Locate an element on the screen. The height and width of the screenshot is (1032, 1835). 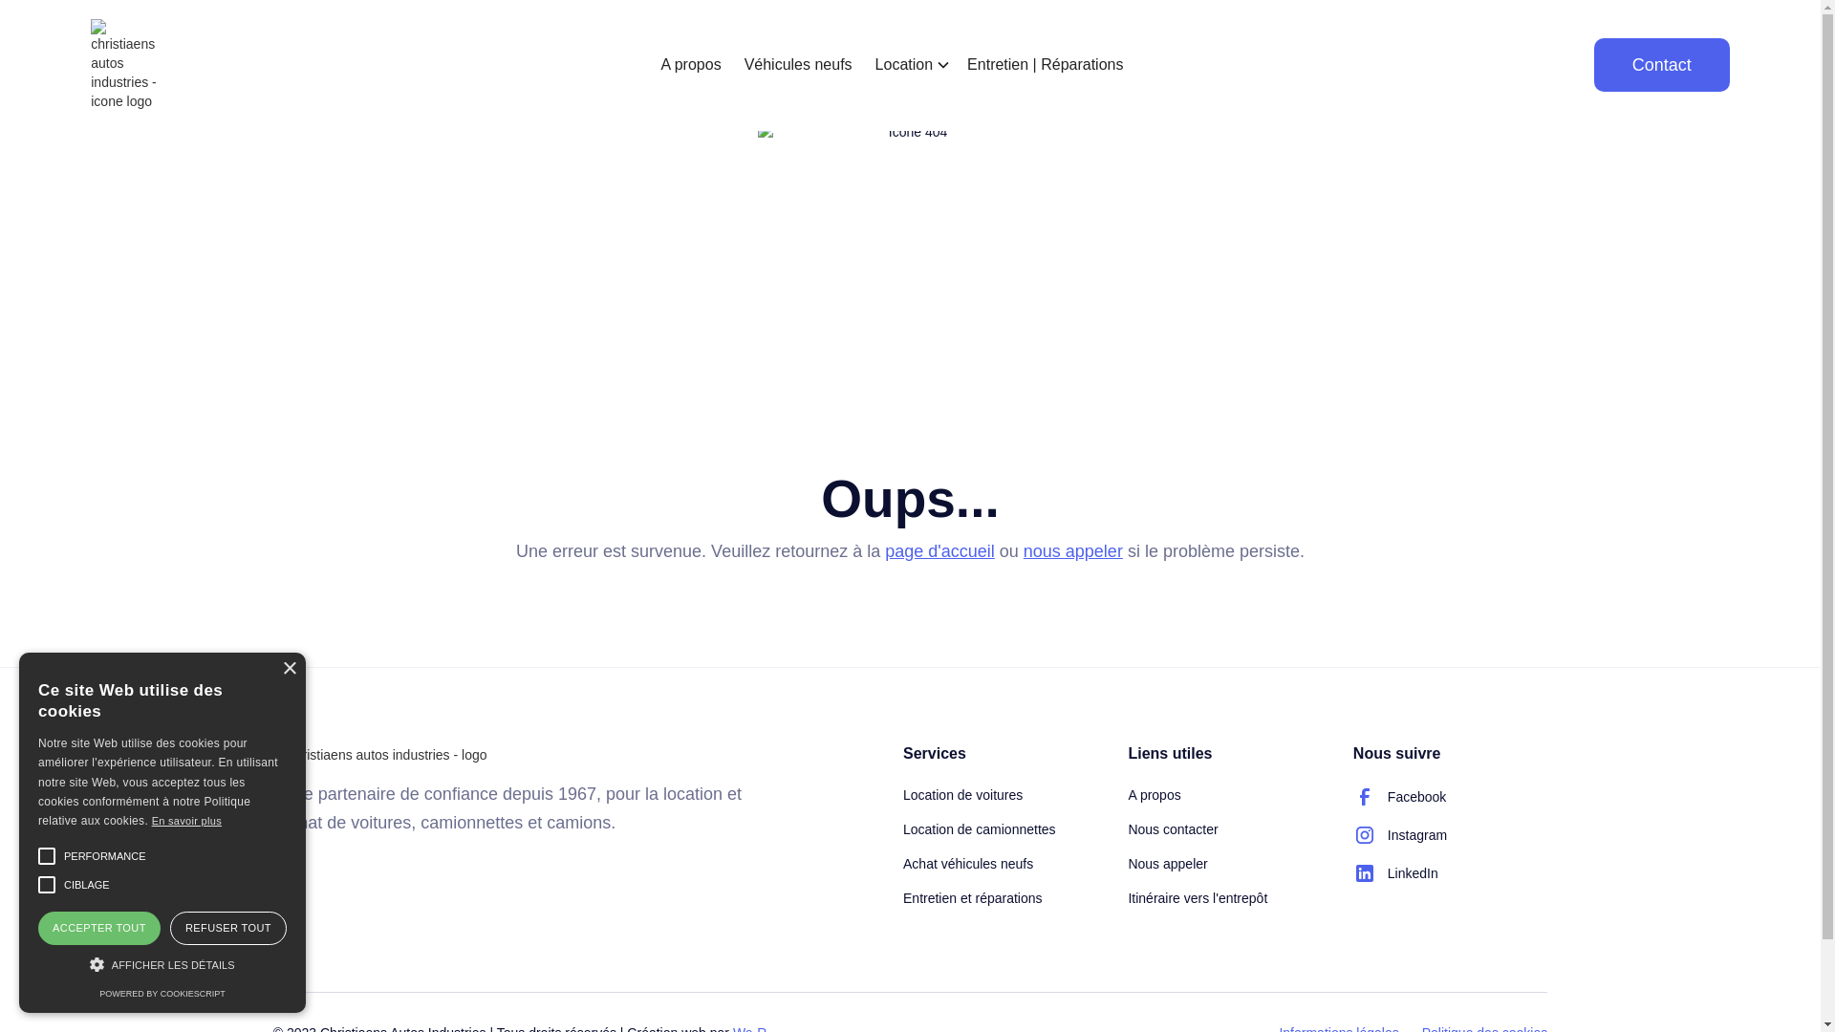
'LinkedIn' is located at coordinates (1395, 873).